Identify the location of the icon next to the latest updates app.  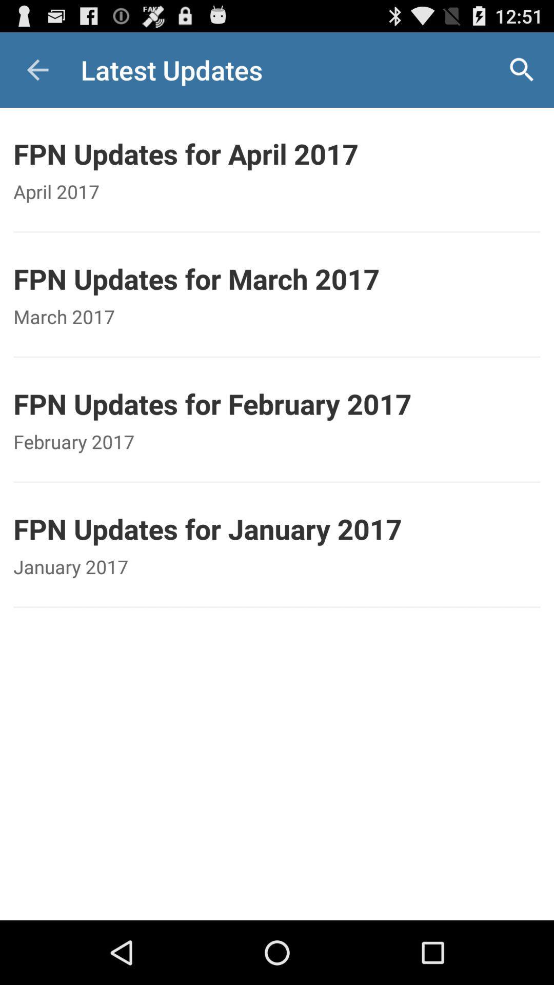
(522, 69).